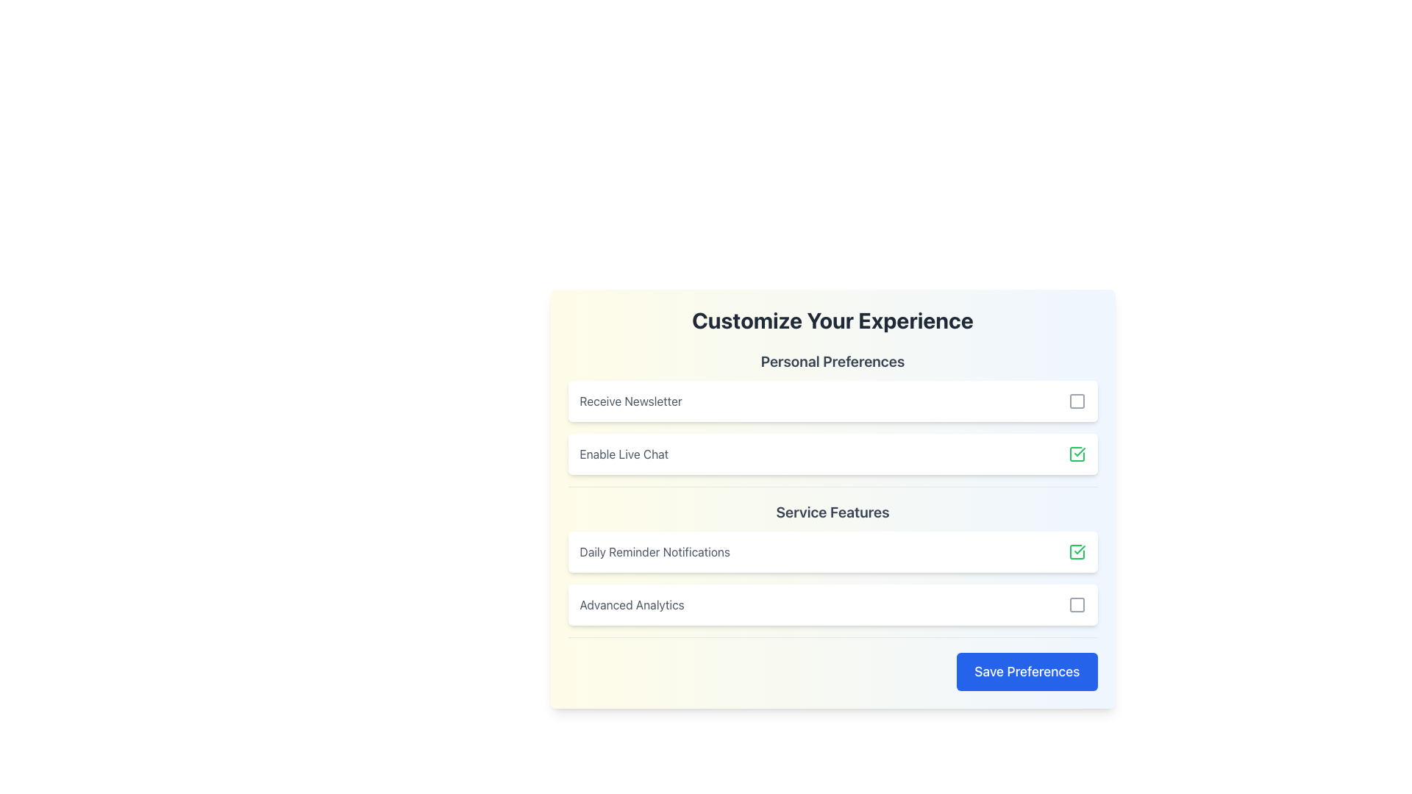 The width and height of the screenshot is (1412, 794). I want to click on the checkbox for the newsletter subscription option located under the 'Personal Preferences' section, so click(832, 401).